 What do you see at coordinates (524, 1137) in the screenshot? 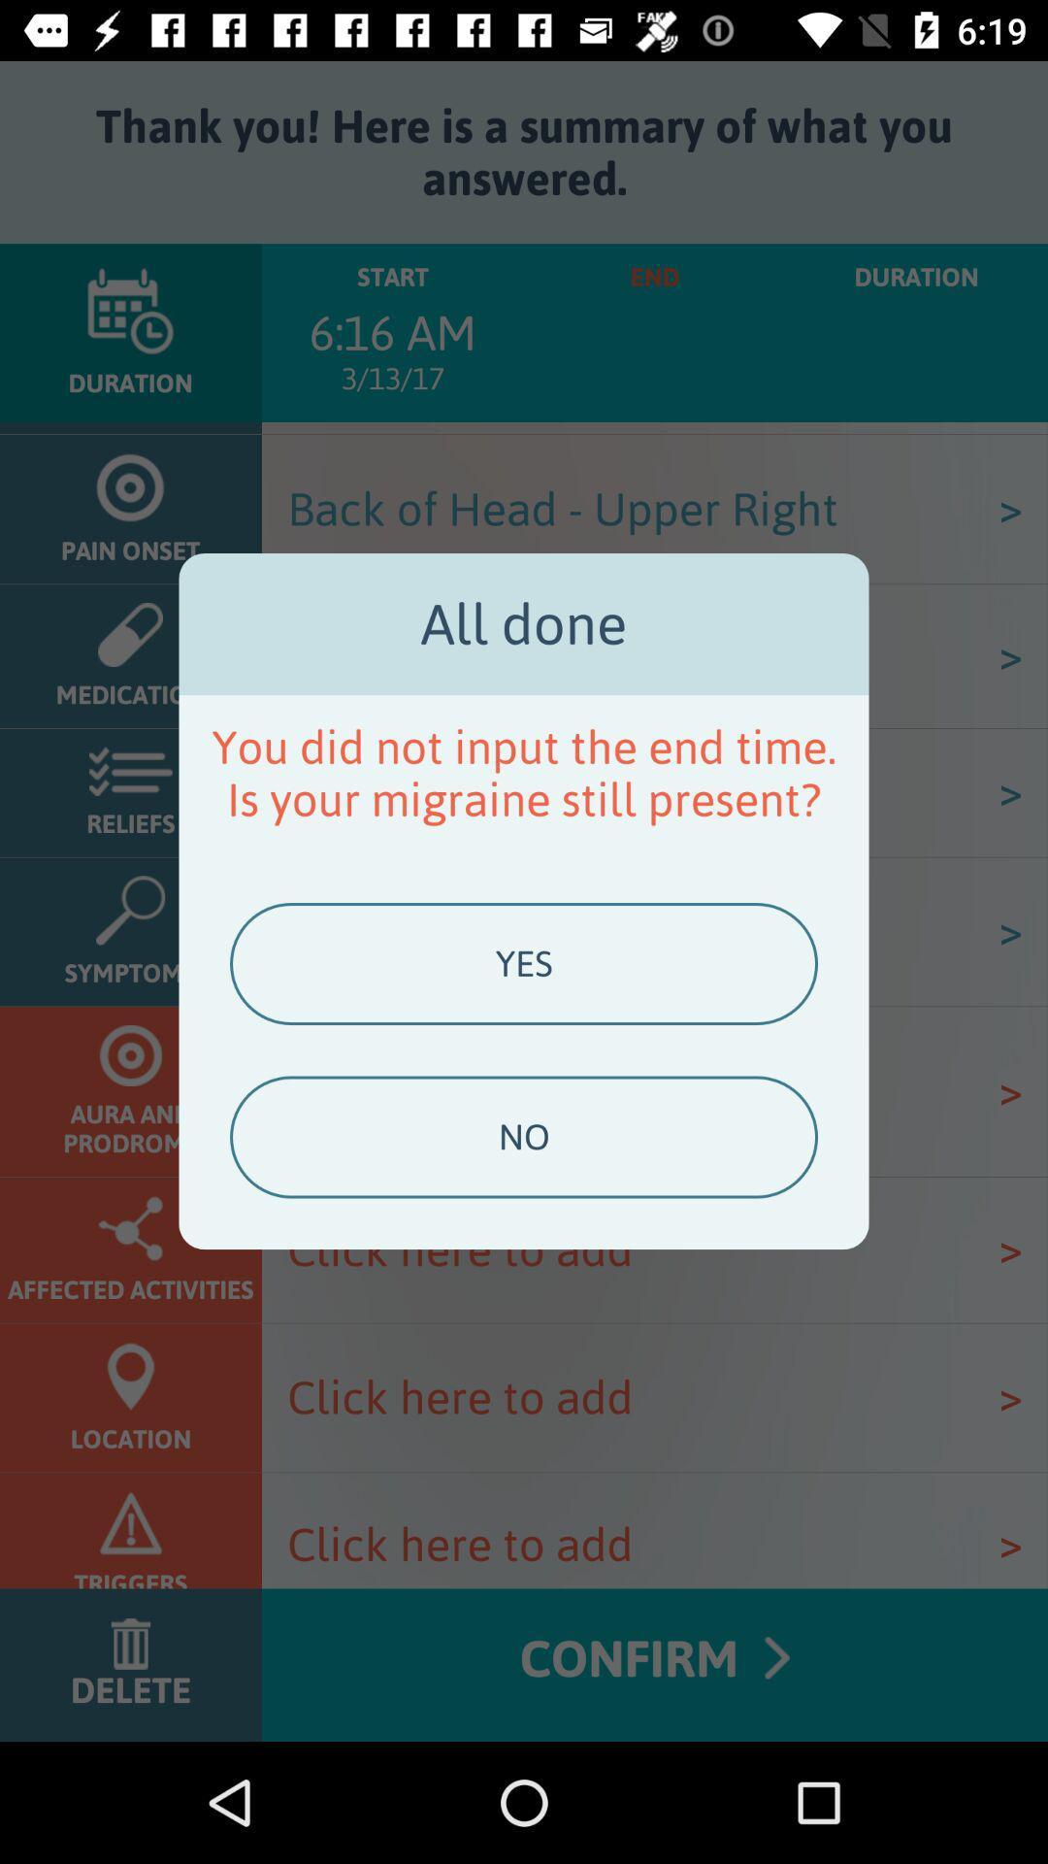
I see `the no item` at bounding box center [524, 1137].